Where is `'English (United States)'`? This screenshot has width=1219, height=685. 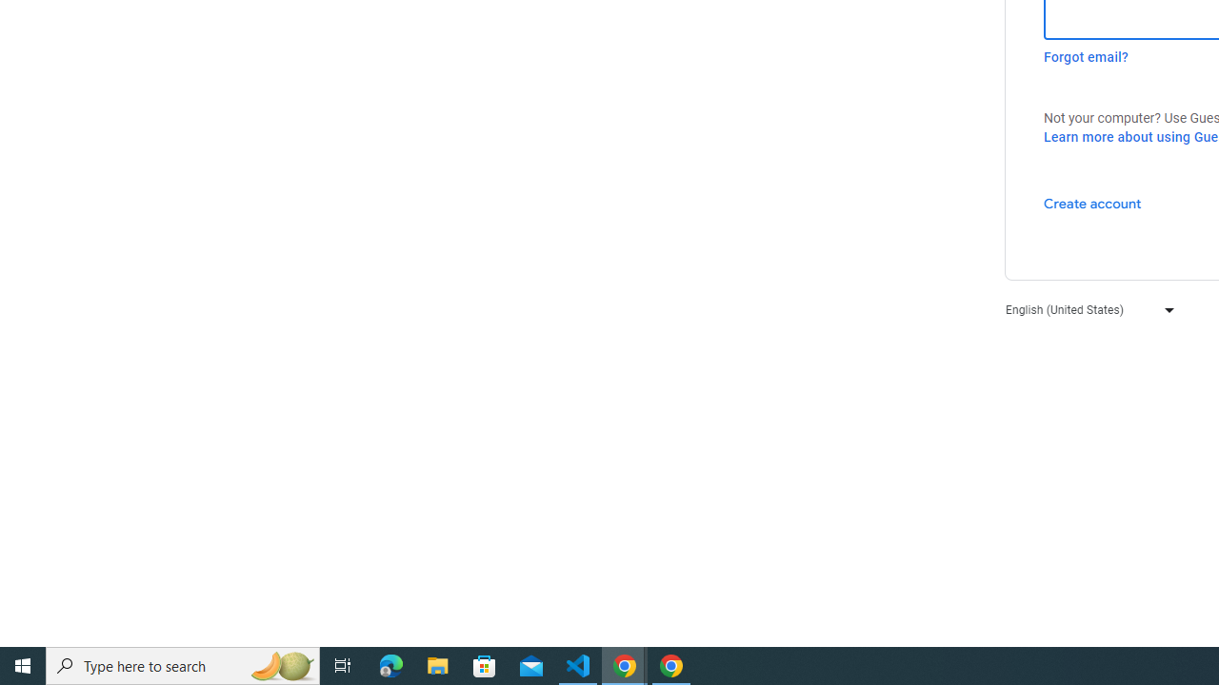
'English (United States)' is located at coordinates (1085, 308).